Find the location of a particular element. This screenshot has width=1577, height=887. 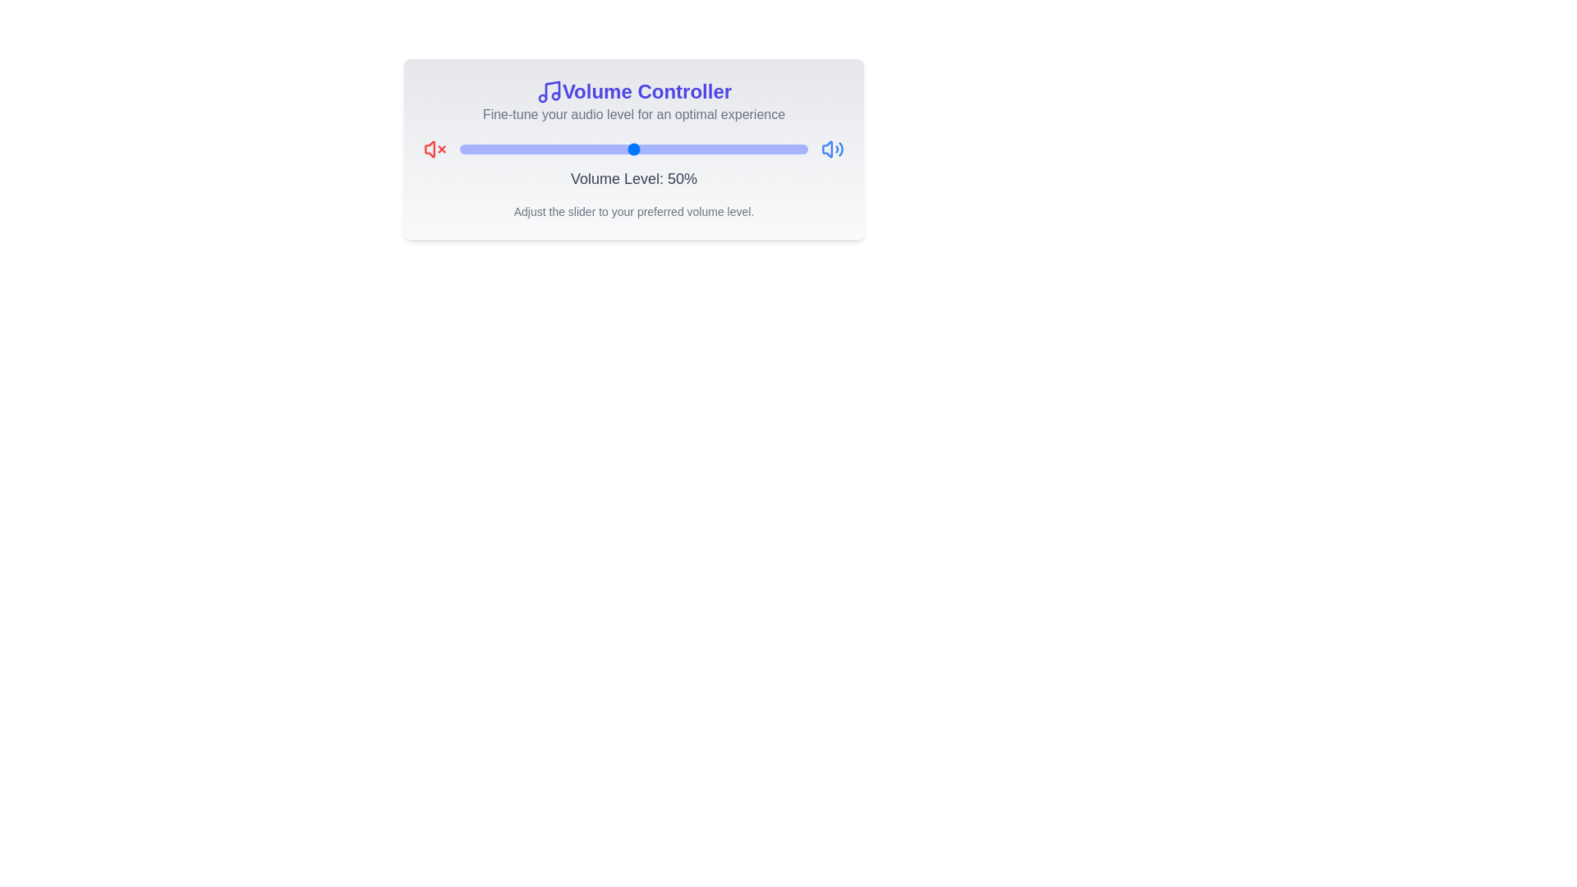

the volume slider to set the volume to 73% is located at coordinates (714, 149).